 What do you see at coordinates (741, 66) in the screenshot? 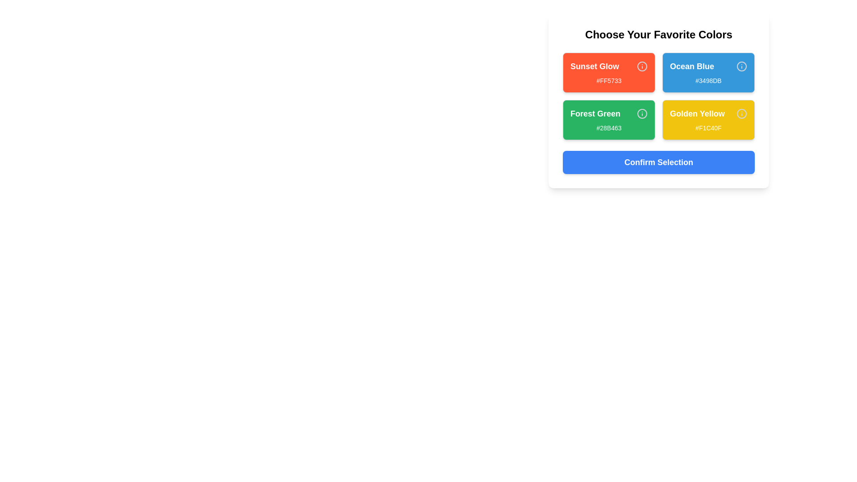
I see `the 'Info' icon for the color Ocean Blue` at bounding box center [741, 66].